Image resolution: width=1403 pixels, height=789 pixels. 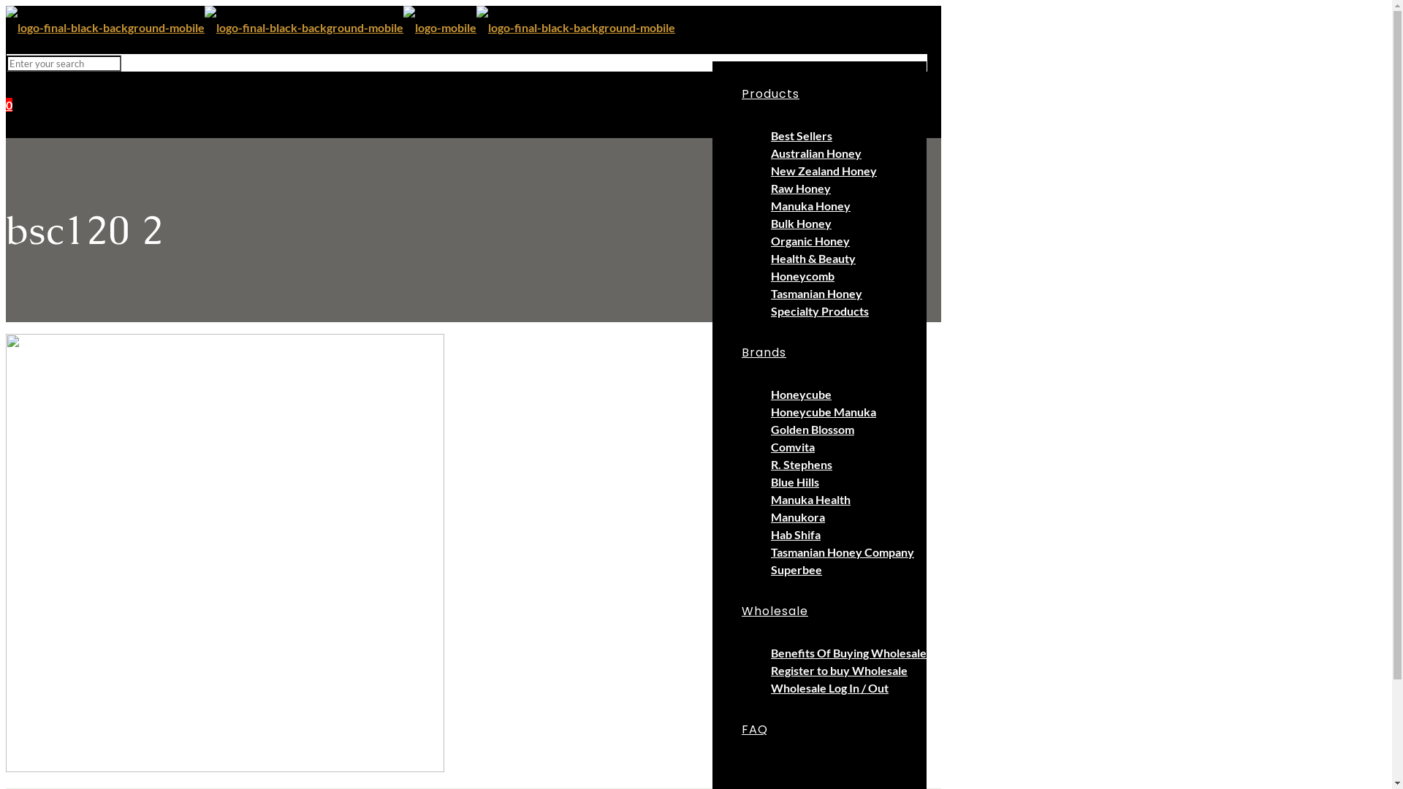 What do you see at coordinates (810, 498) in the screenshot?
I see `'Manuka Health'` at bounding box center [810, 498].